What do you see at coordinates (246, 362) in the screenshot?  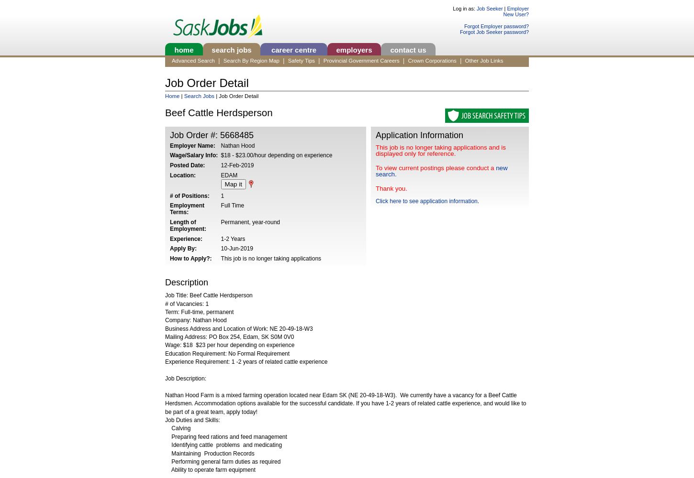 I see `'Experience Requirement: 1 -2 years of related cattle experience'` at bounding box center [246, 362].